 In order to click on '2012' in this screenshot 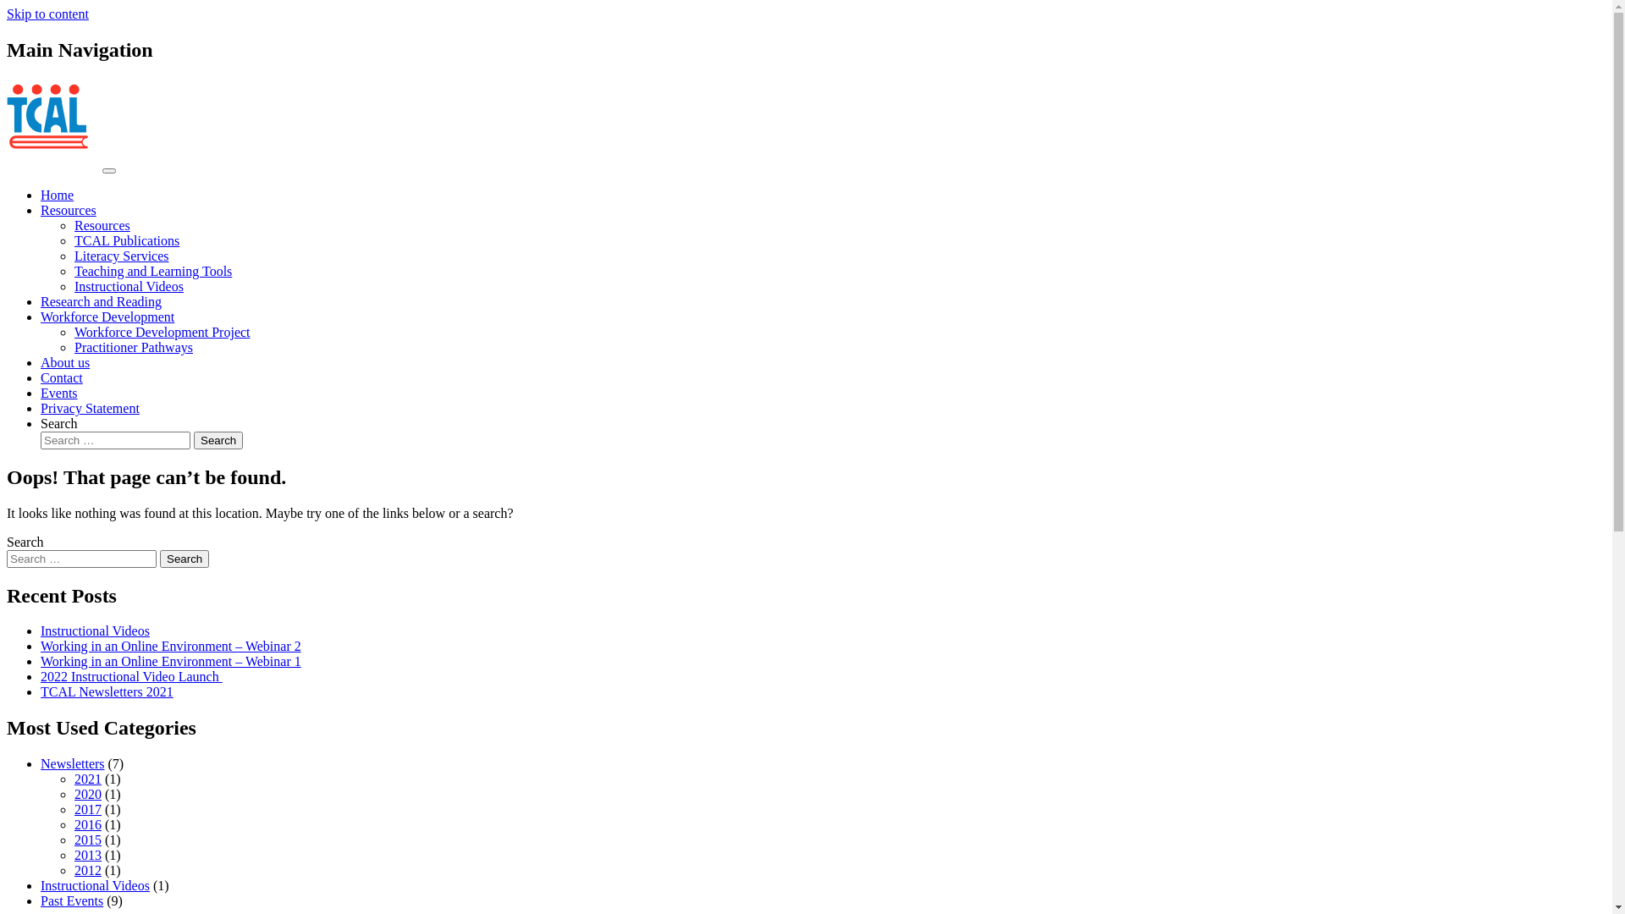, I will do `click(87, 870)`.